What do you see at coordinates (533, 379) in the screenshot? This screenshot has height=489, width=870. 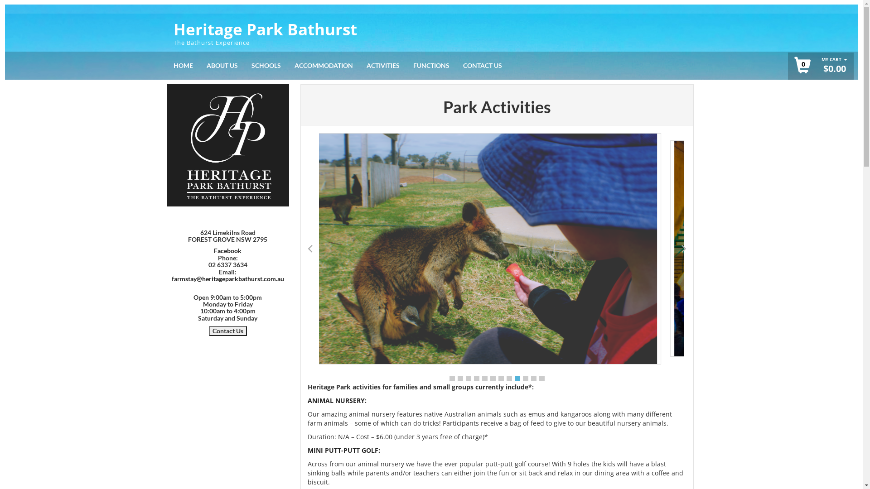 I see `'11'` at bounding box center [533, 379].